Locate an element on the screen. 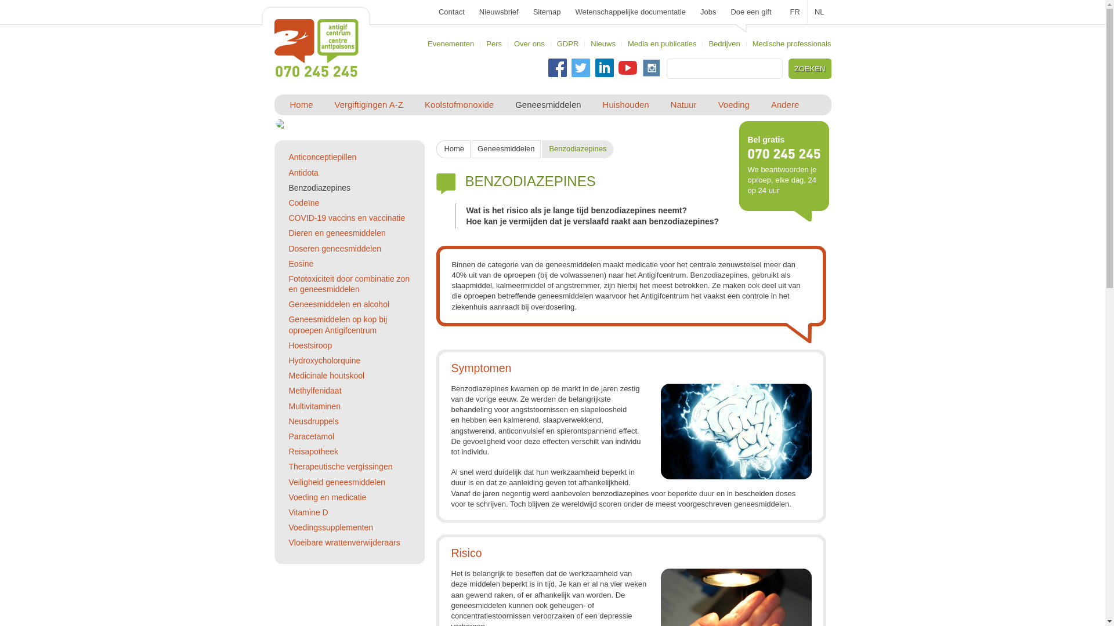 The image size is (1114, 626). 'Multivitaminen' is located at coordinates (288, 406).